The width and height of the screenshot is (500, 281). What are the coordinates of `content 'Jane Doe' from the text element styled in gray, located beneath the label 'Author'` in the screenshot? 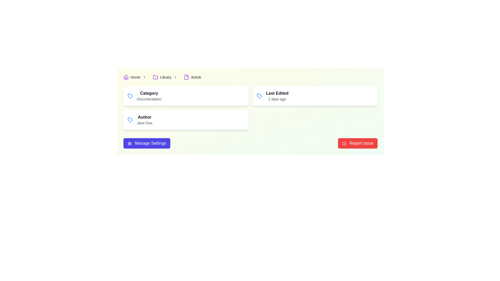 It's located at (145, 123).